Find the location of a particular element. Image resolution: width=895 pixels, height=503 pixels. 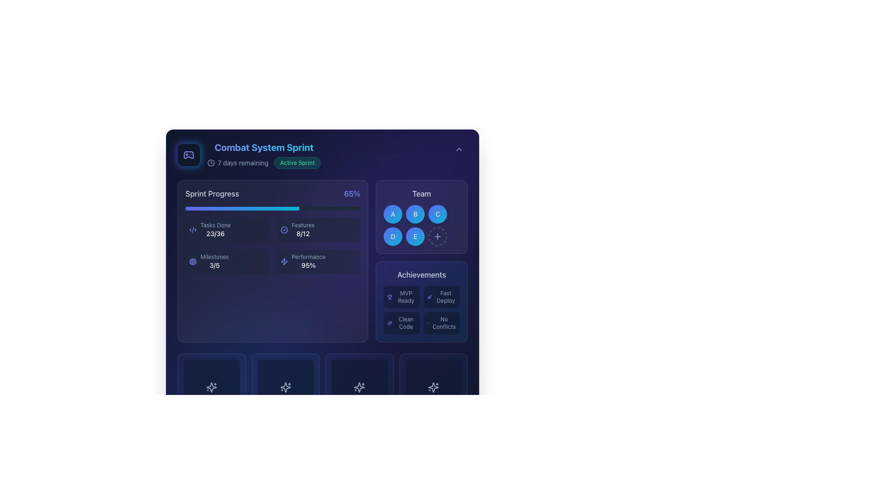

the Text Display that shows progress towards a milestone, located in the Sprint Progress section, below 'Tasks Done' is located at coordinates (214, 262).